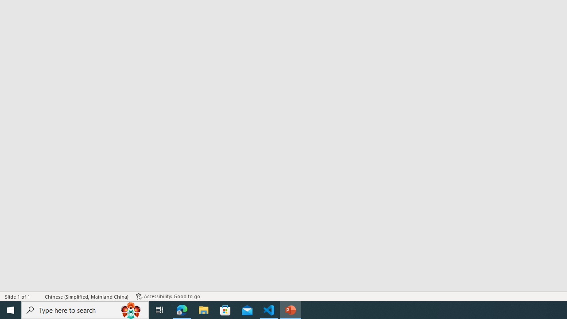 The height and width of the screenshot is (319, 567). What do you see at coordinates (225, 309) in the screenshot?
I see `'Microsoft Store'` at bounding box center [225, 309].